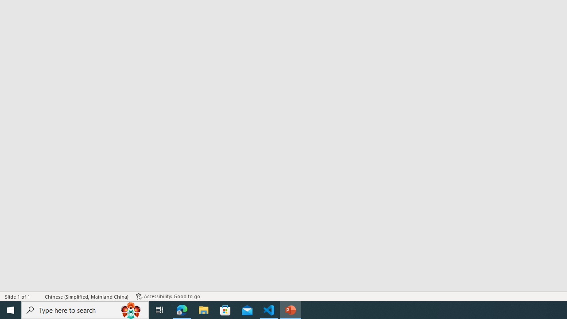 The height and width of the screenshot is (319, 567). What do you see at coordinates (225, 309) in the screenshot?
I see `'Microsoft Store'` at bounding box center [225, 309].